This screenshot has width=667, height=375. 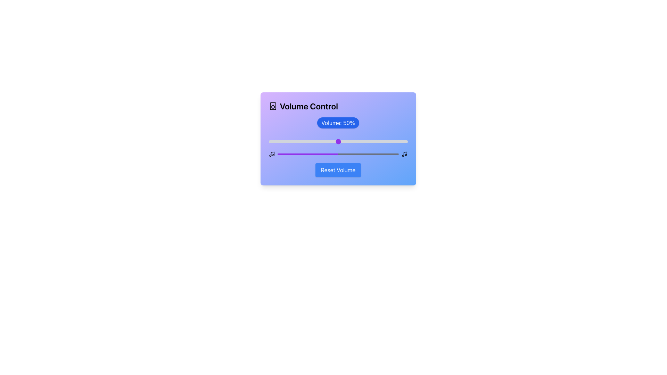 What do you see at coordinates (338, 175) in the screenshot?
I see `the 'Volume Control' panel to receive interactive feedback, which includes a gradient header and a circular volume button` at bounding box center [338, 175].